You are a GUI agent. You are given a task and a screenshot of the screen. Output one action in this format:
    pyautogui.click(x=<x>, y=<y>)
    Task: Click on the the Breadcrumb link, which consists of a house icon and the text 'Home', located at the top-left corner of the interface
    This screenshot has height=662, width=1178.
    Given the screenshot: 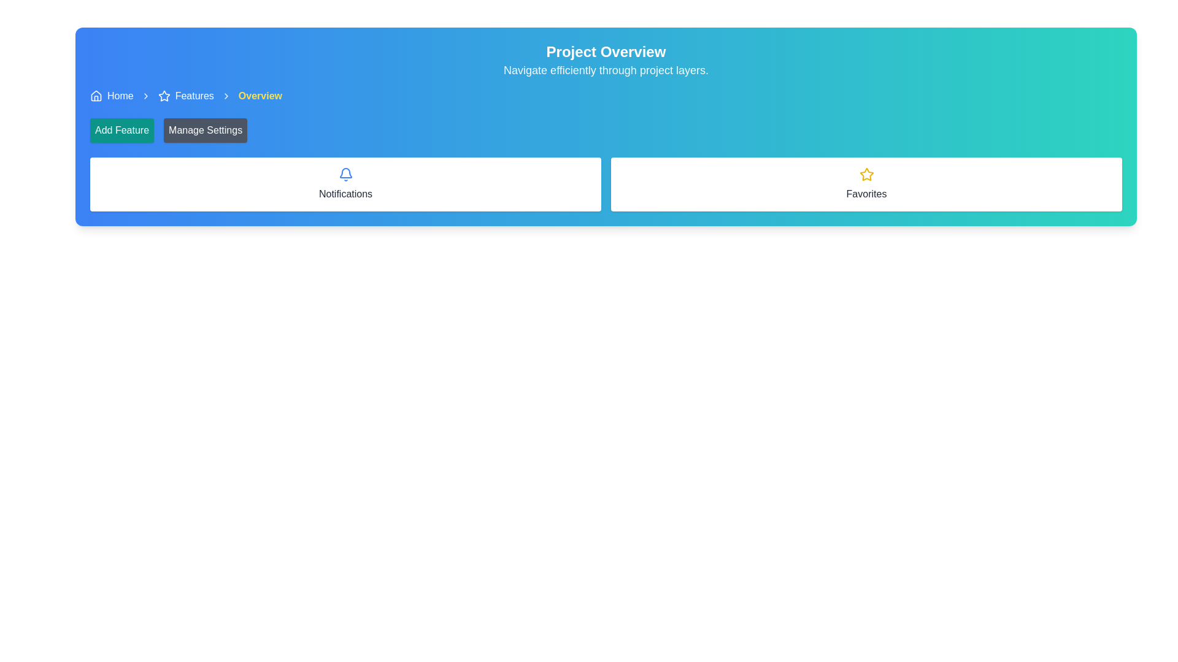 What is the action you would take?
    pyautogui.click(x=112, y=96)
    